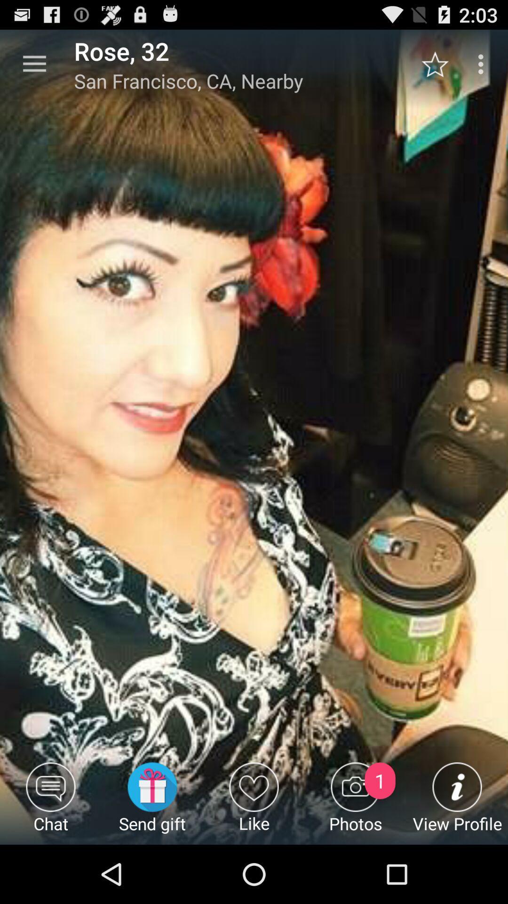  What do you see at coordinates (356, 803) in the screenshot?
I see `item to the left of view profile icon` at bounding box center [356, 803].